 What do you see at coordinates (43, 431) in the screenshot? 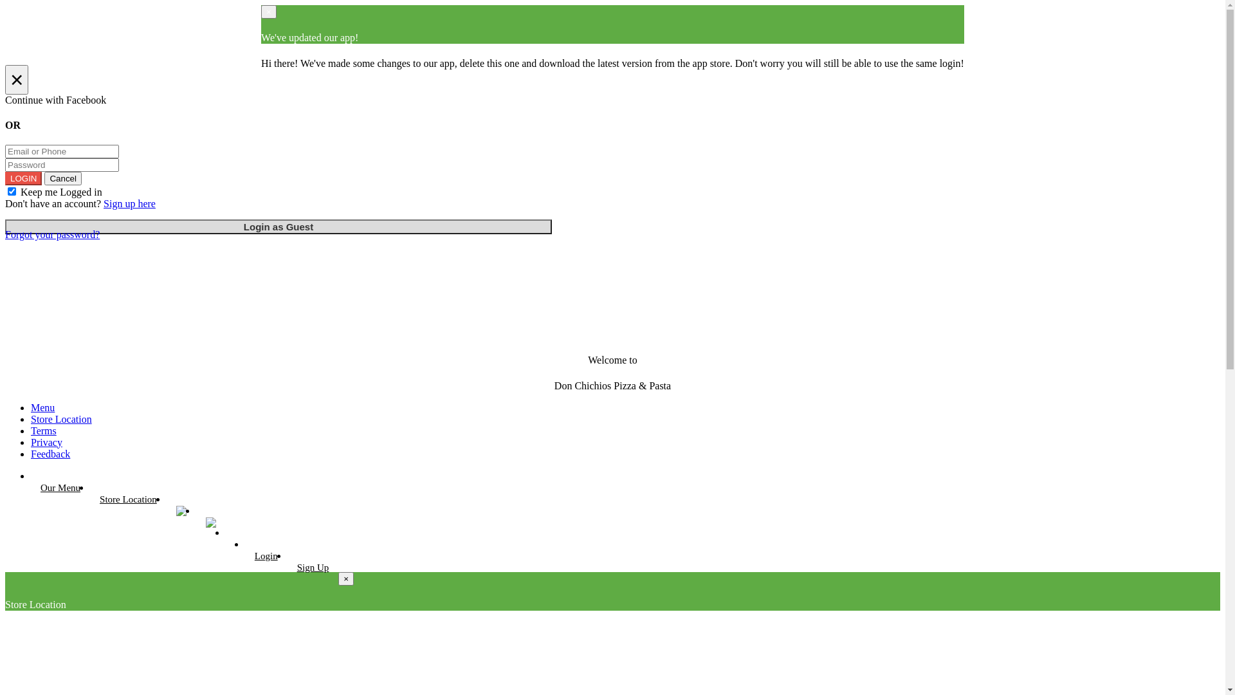
I see `'Terms'` at bounding box center [43, 431].